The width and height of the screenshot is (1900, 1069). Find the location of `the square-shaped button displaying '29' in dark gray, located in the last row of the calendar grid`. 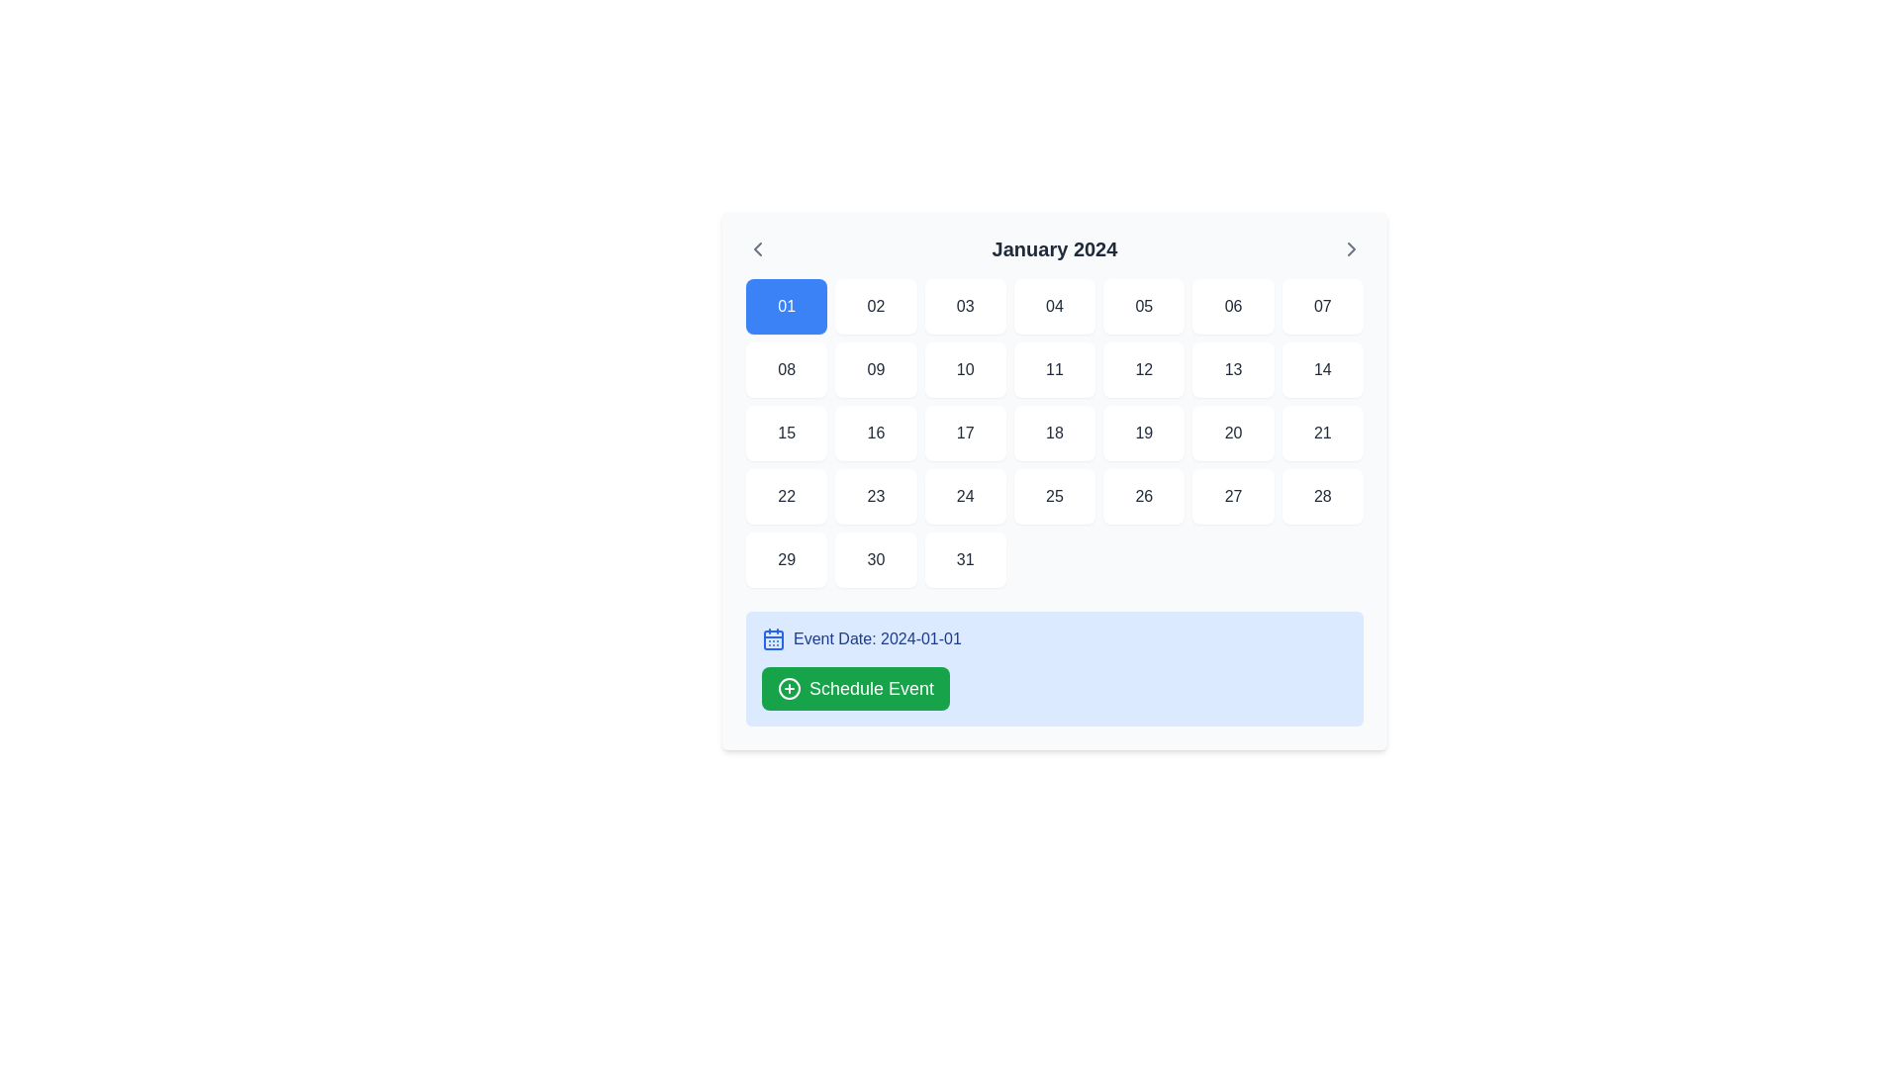

the square-shaped button displaying '29' in dark gray, located in the last row of the calendar grid is located at coordinates (786, 560).